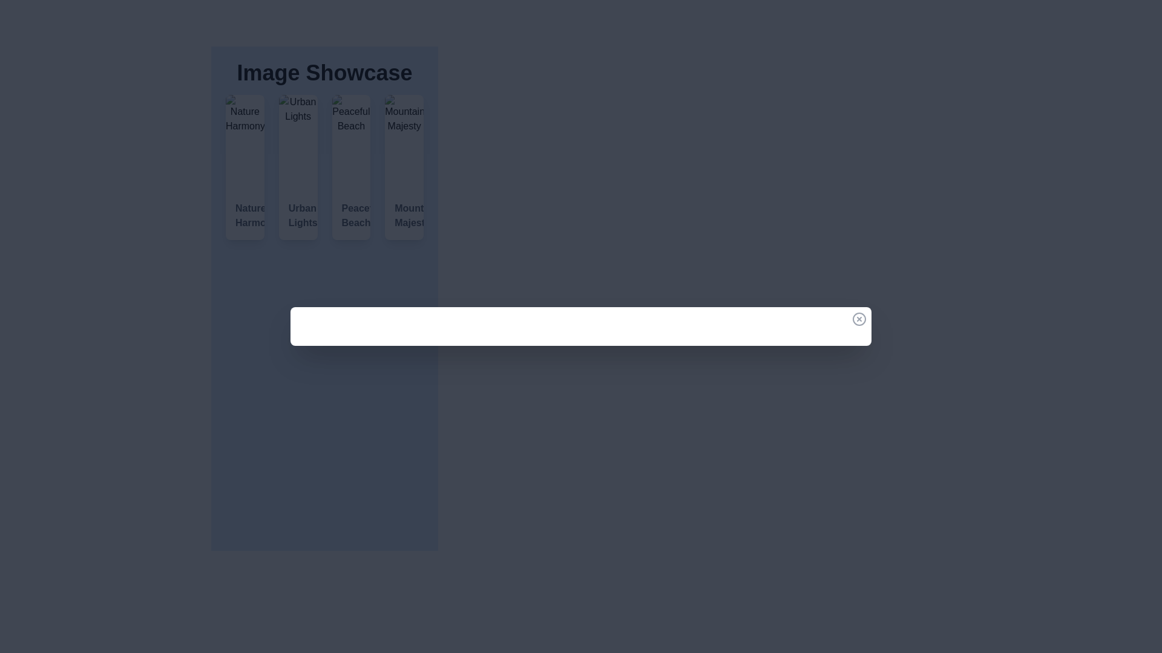 This screenshot has width=1162, height=653. Describe the element at coordinates (298, 215) in the screenshot. I see `the text label that serves as the title for the 'Urban Lights' card, which is the second card in a series of four under the 'Image Showcase' heading` at that location.